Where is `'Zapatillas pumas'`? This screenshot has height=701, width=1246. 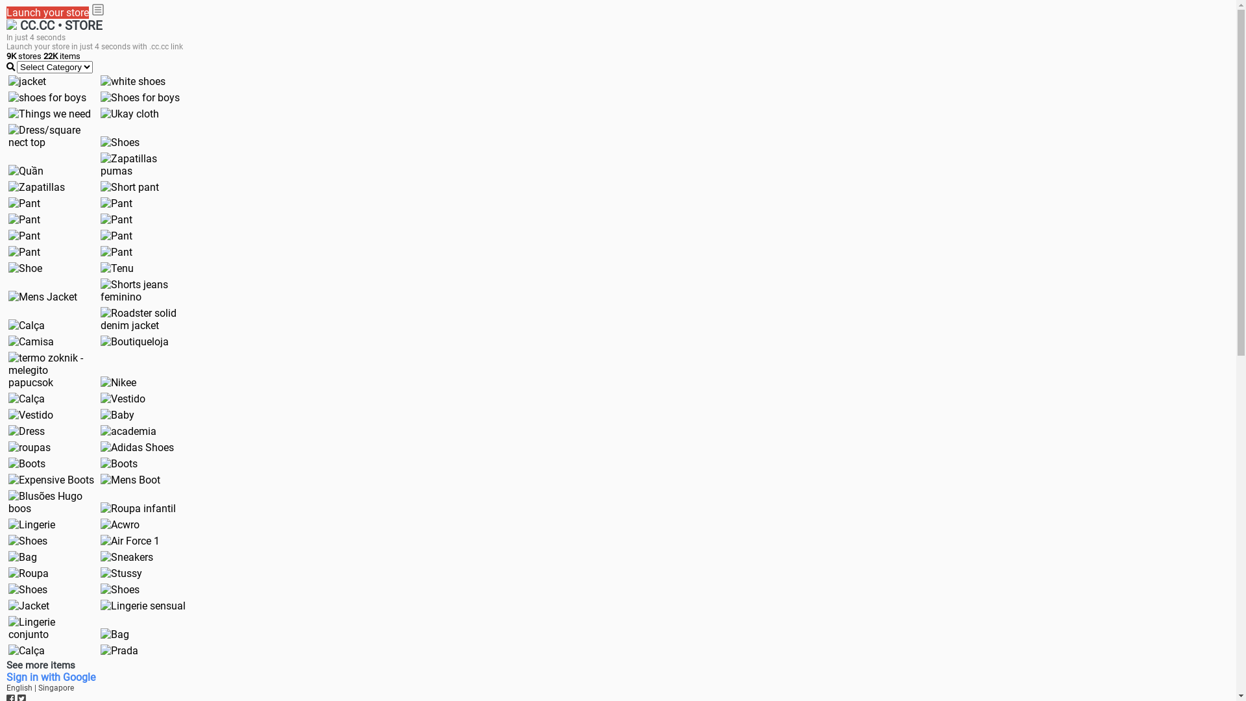 'Zapatillas pumas' is located at coordinates (99, 164).